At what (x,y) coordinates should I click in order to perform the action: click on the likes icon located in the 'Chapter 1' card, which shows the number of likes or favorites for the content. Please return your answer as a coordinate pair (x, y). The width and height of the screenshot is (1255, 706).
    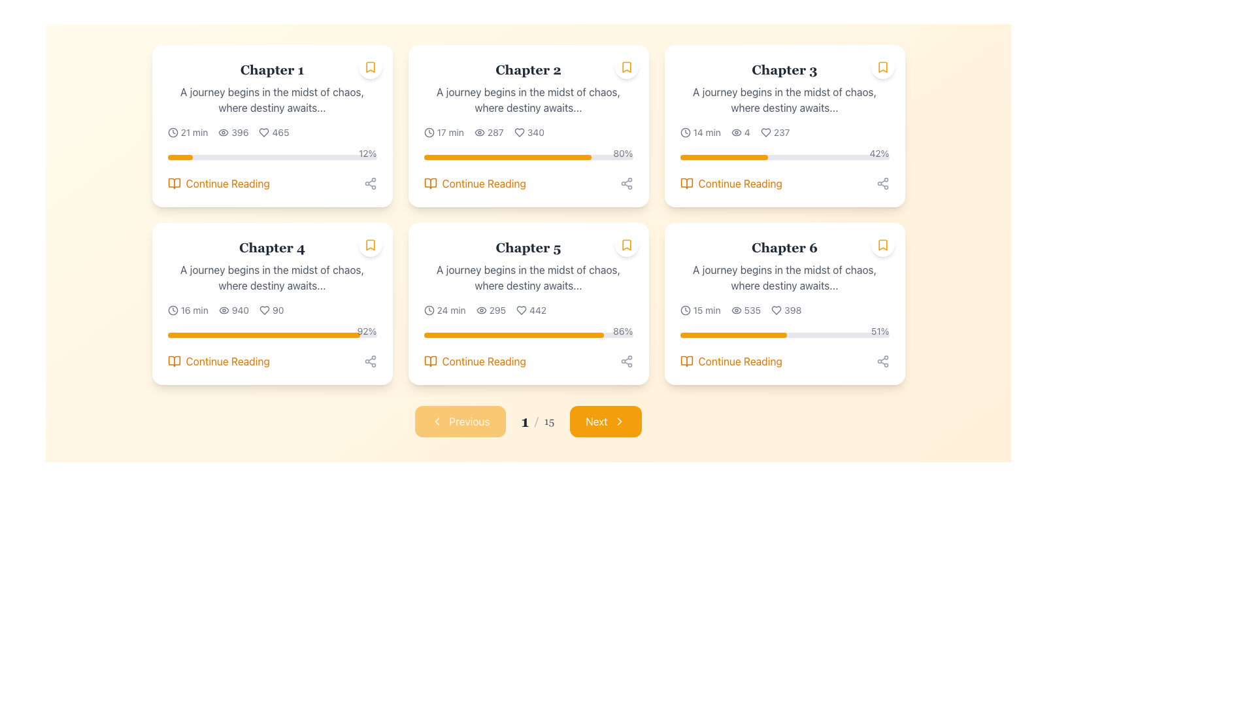
    Looking at the image, I should click on (273, 133).